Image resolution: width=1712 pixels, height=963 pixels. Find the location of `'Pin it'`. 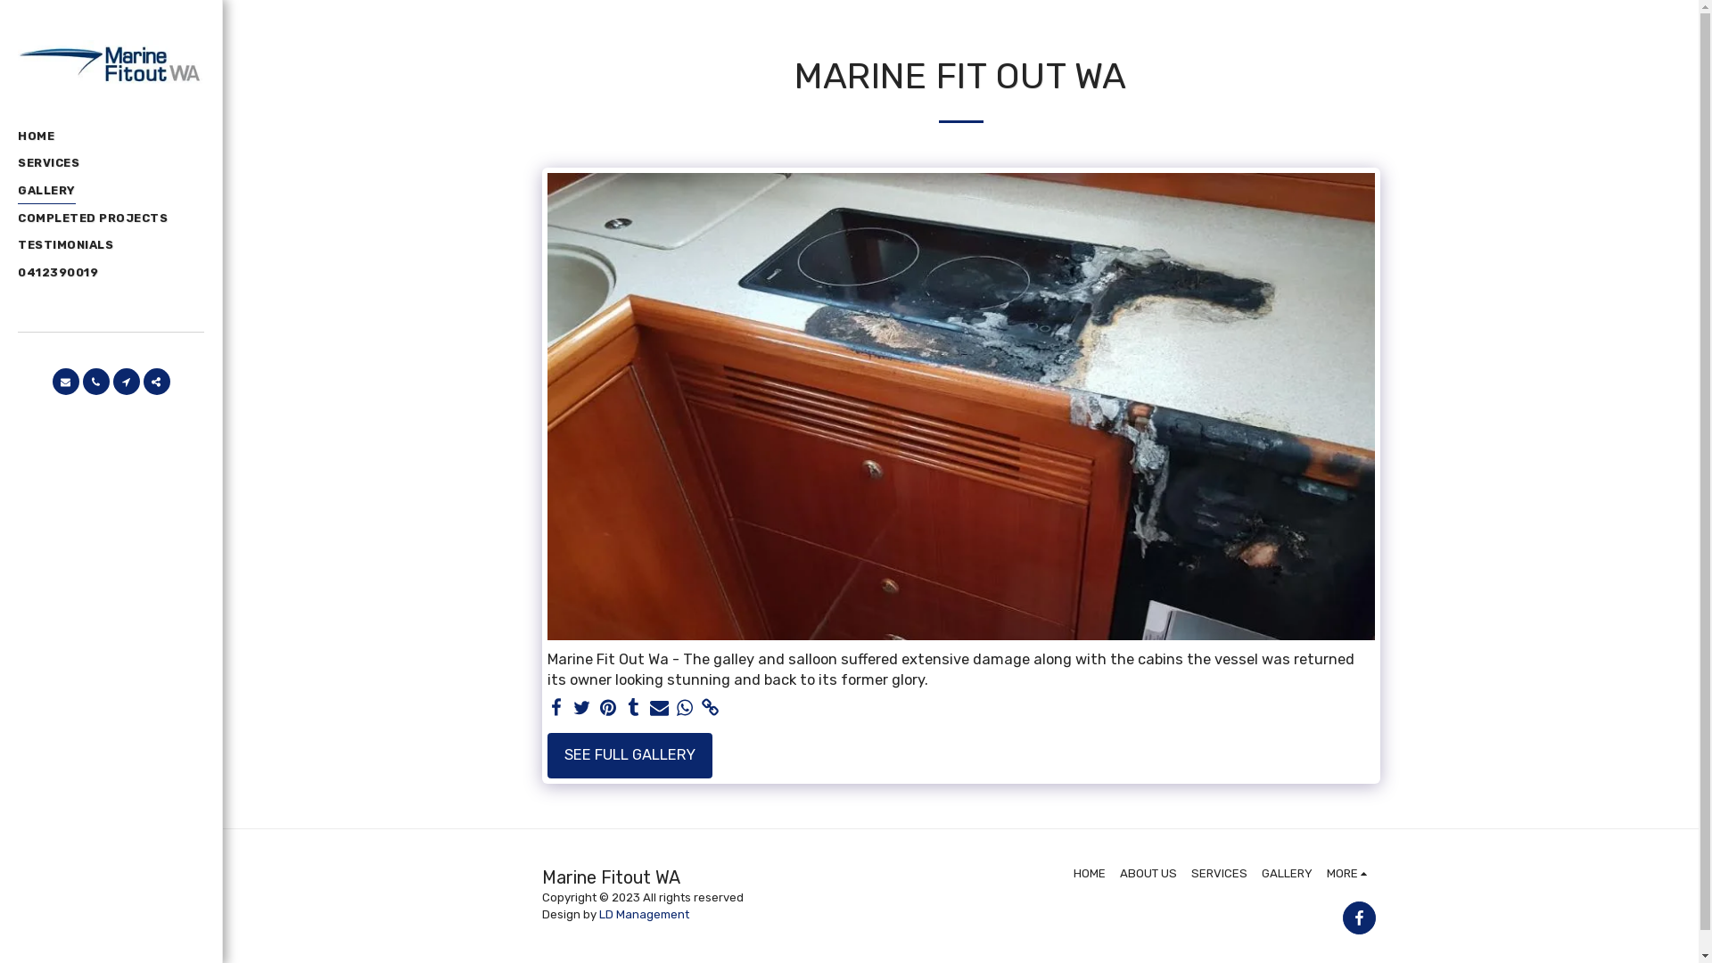

'Pin it' is located at coordinates (607, 707).